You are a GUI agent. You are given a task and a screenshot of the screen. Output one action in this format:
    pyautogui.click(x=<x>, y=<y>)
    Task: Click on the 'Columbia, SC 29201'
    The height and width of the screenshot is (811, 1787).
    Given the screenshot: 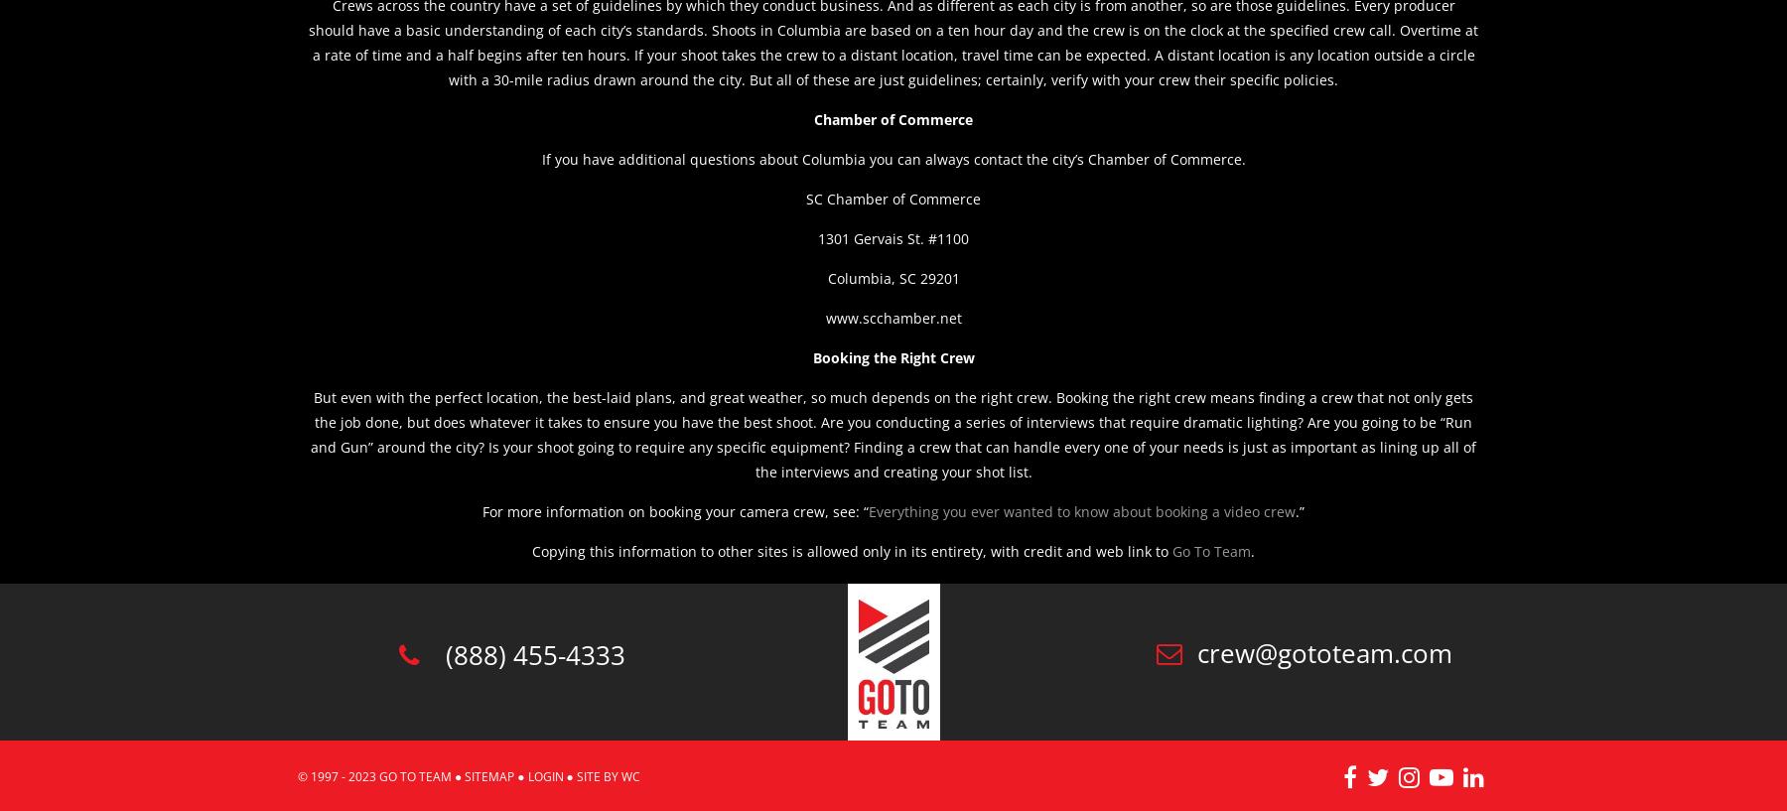 What is the action you would take?
    pyautogui.click(x=893, y=278)
    